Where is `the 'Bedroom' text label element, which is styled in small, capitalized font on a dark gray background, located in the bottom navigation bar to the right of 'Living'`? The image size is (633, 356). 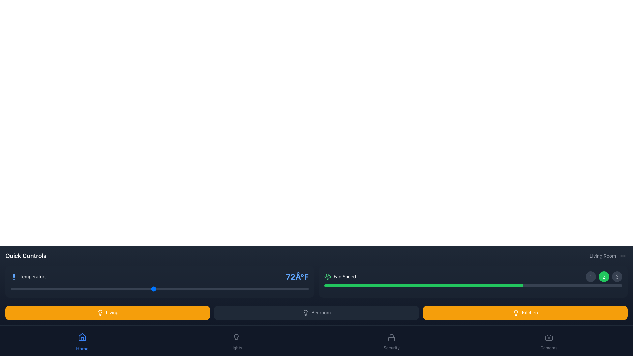 the 'Bedroom' text label element, which is styled in small, capitalized font on a dark gray background, located in the bottom navigation bar to the right of 'Living' is located at coordinates (321, 312).